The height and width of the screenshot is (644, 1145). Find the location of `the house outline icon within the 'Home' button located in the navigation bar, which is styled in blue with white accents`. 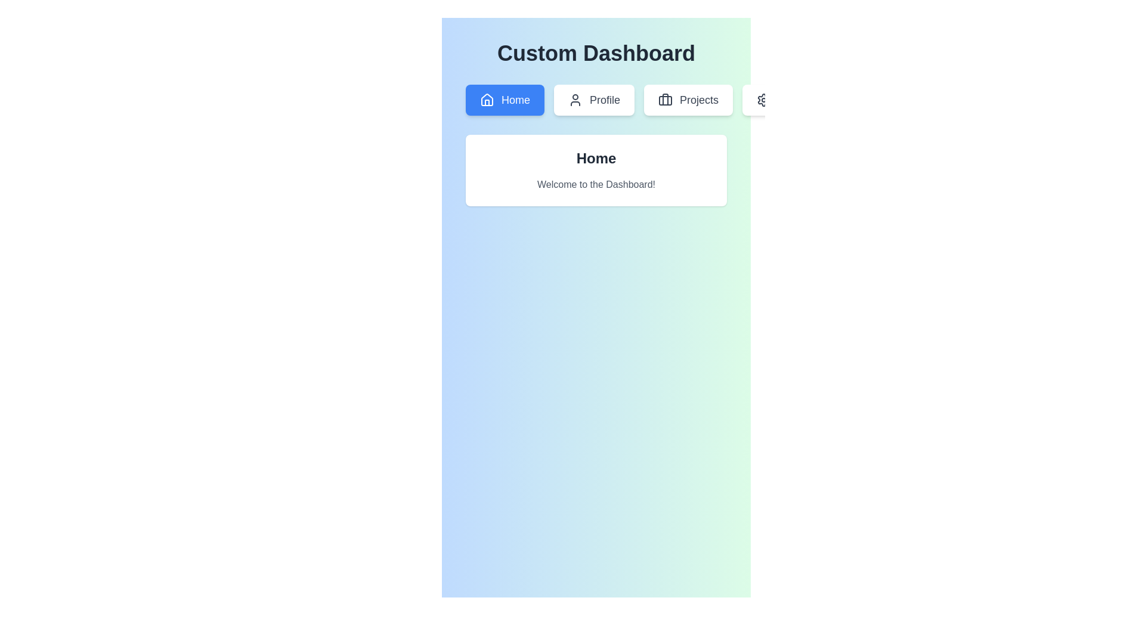

the house outline icon within the 'Home' button located in the navigation bar, which is styled in blue with white accents is located at coordinates (487, 100).